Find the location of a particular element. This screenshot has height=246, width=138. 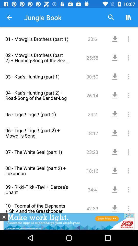

the close icon is located at coordinates (4, 217).